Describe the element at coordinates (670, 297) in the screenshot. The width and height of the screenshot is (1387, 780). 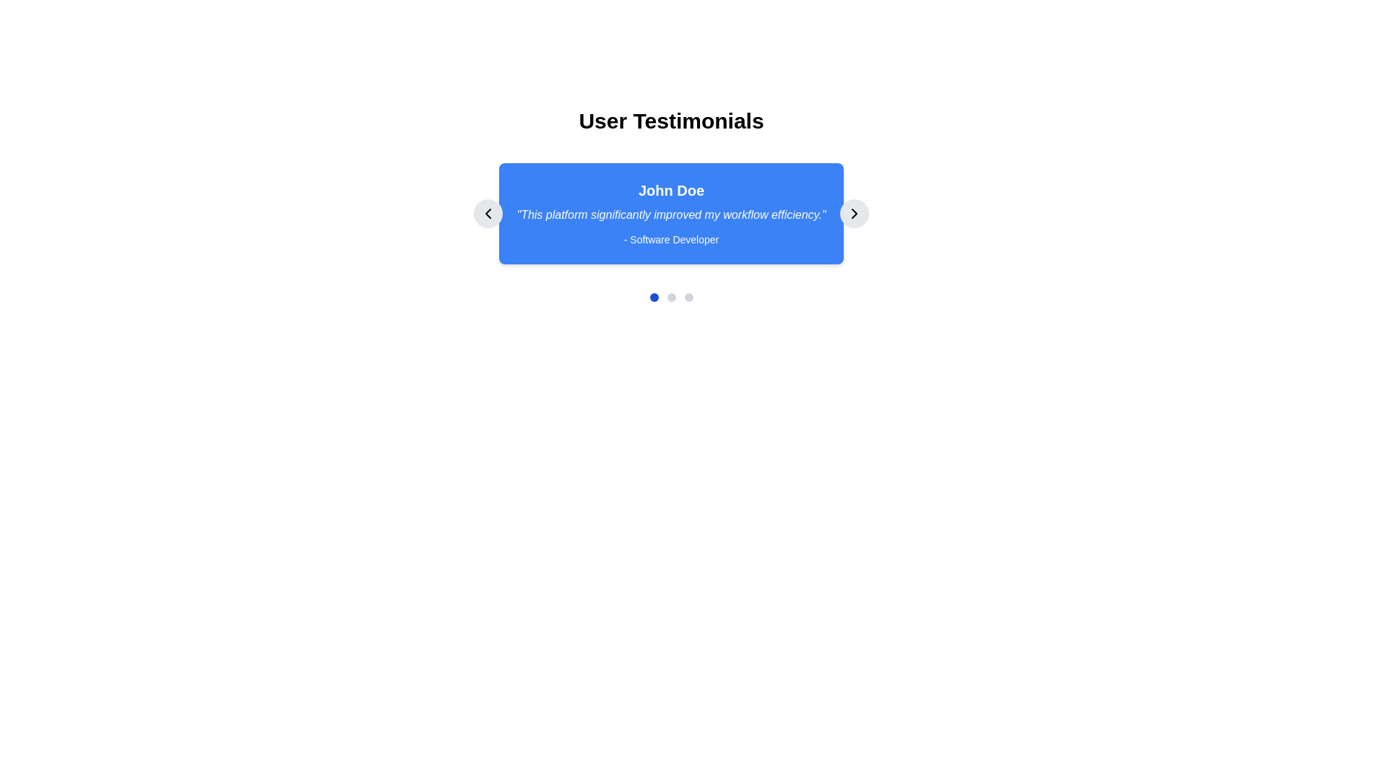
I see `the second navigation dot, which is a small circular indicator with a light gray fill` at that location.